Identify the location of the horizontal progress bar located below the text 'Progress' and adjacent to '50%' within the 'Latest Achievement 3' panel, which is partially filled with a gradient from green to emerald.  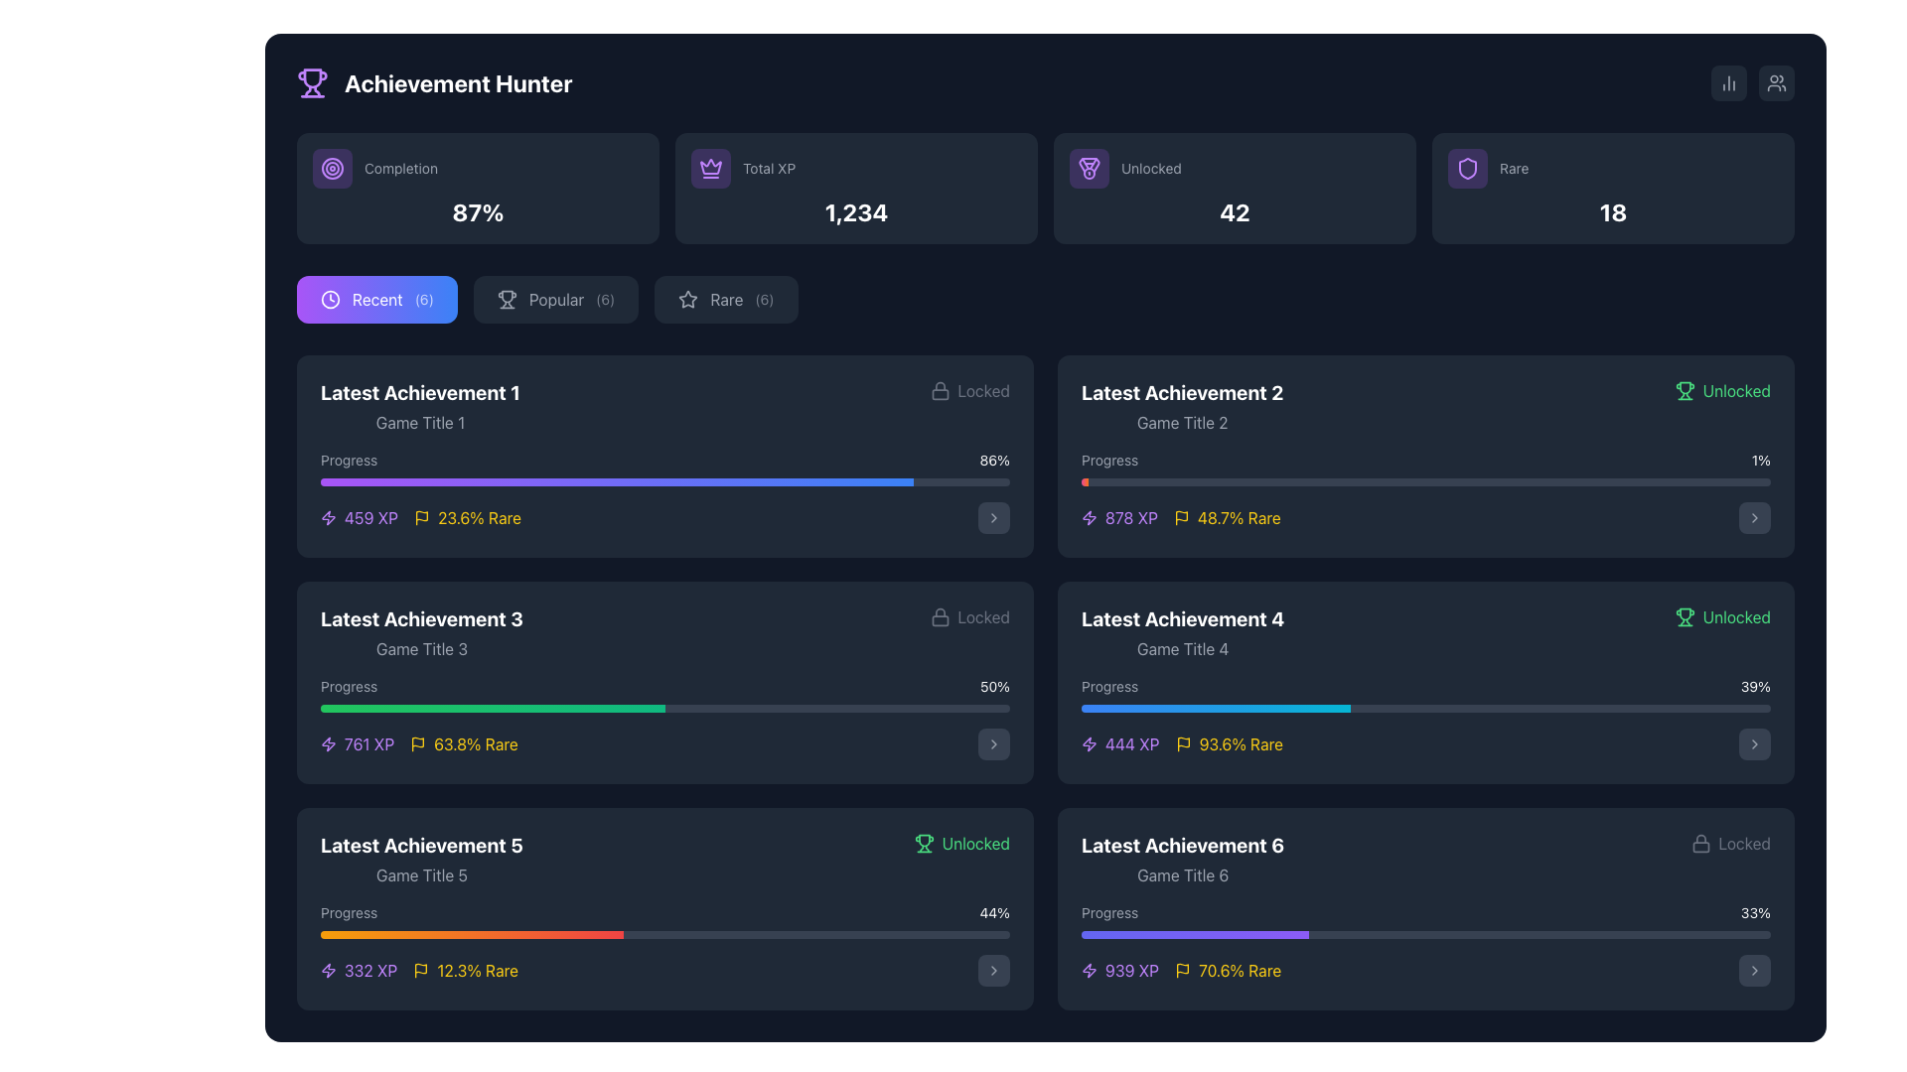
(665, 707).